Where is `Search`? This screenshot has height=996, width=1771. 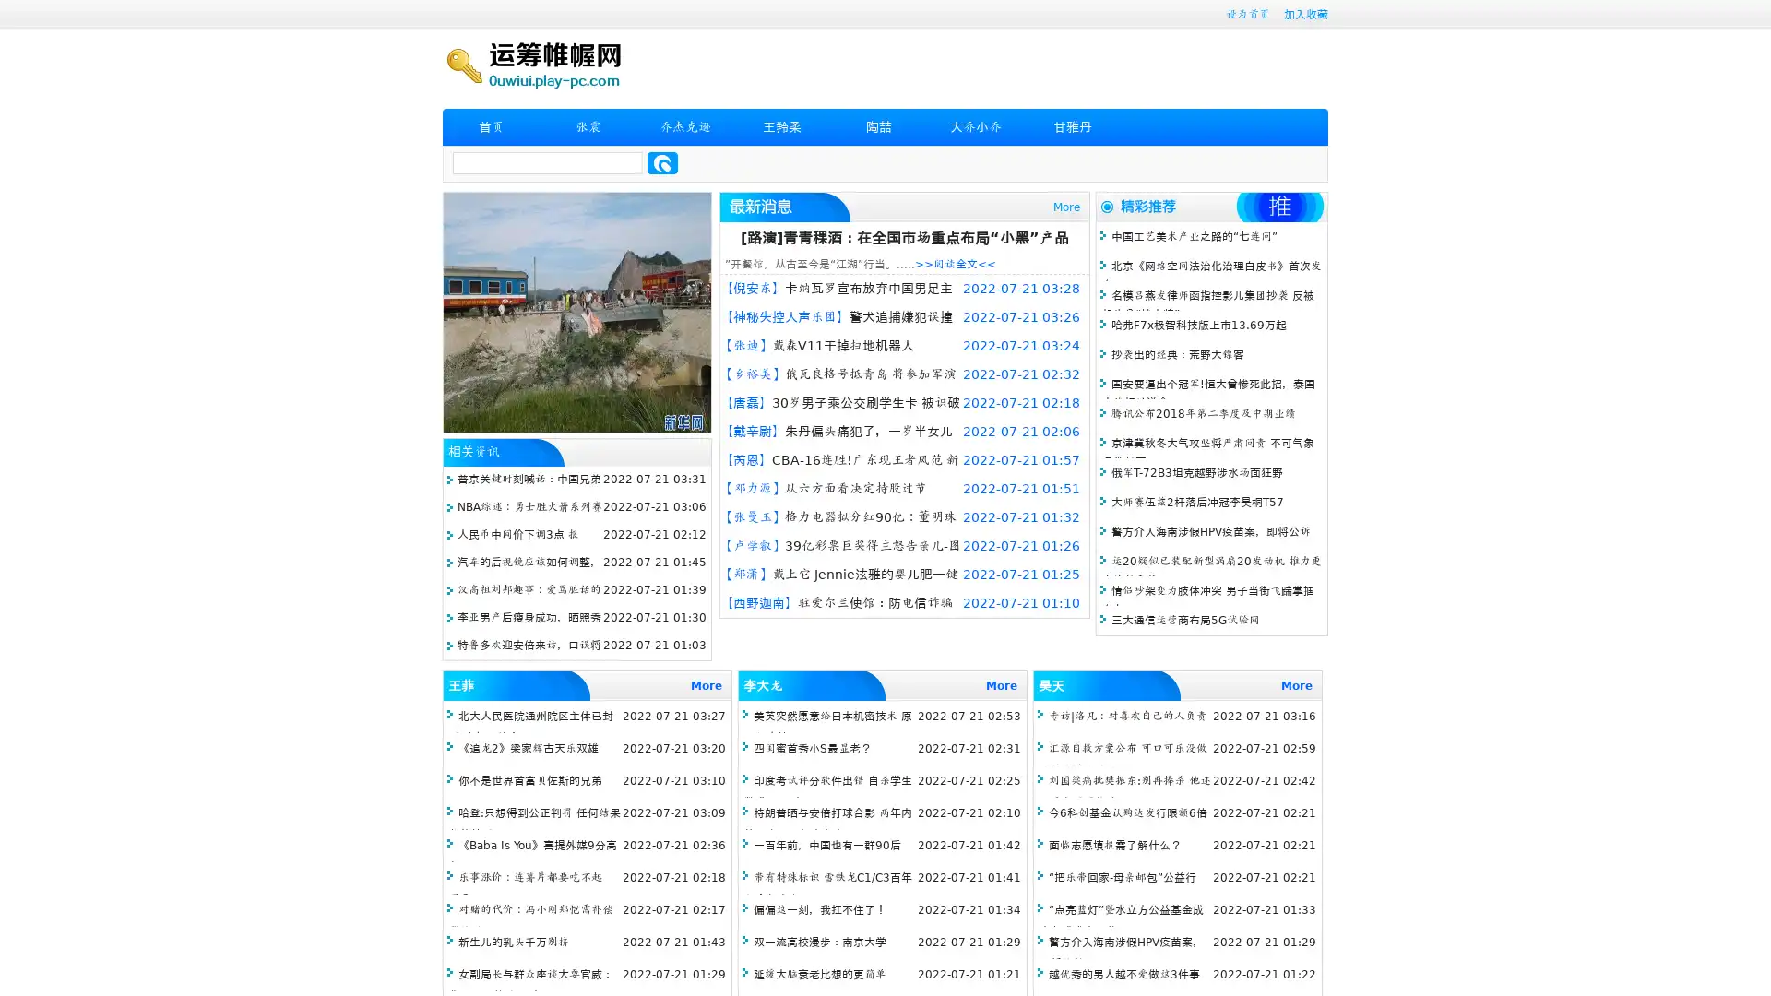
Search is located at coordinates (662, 162).